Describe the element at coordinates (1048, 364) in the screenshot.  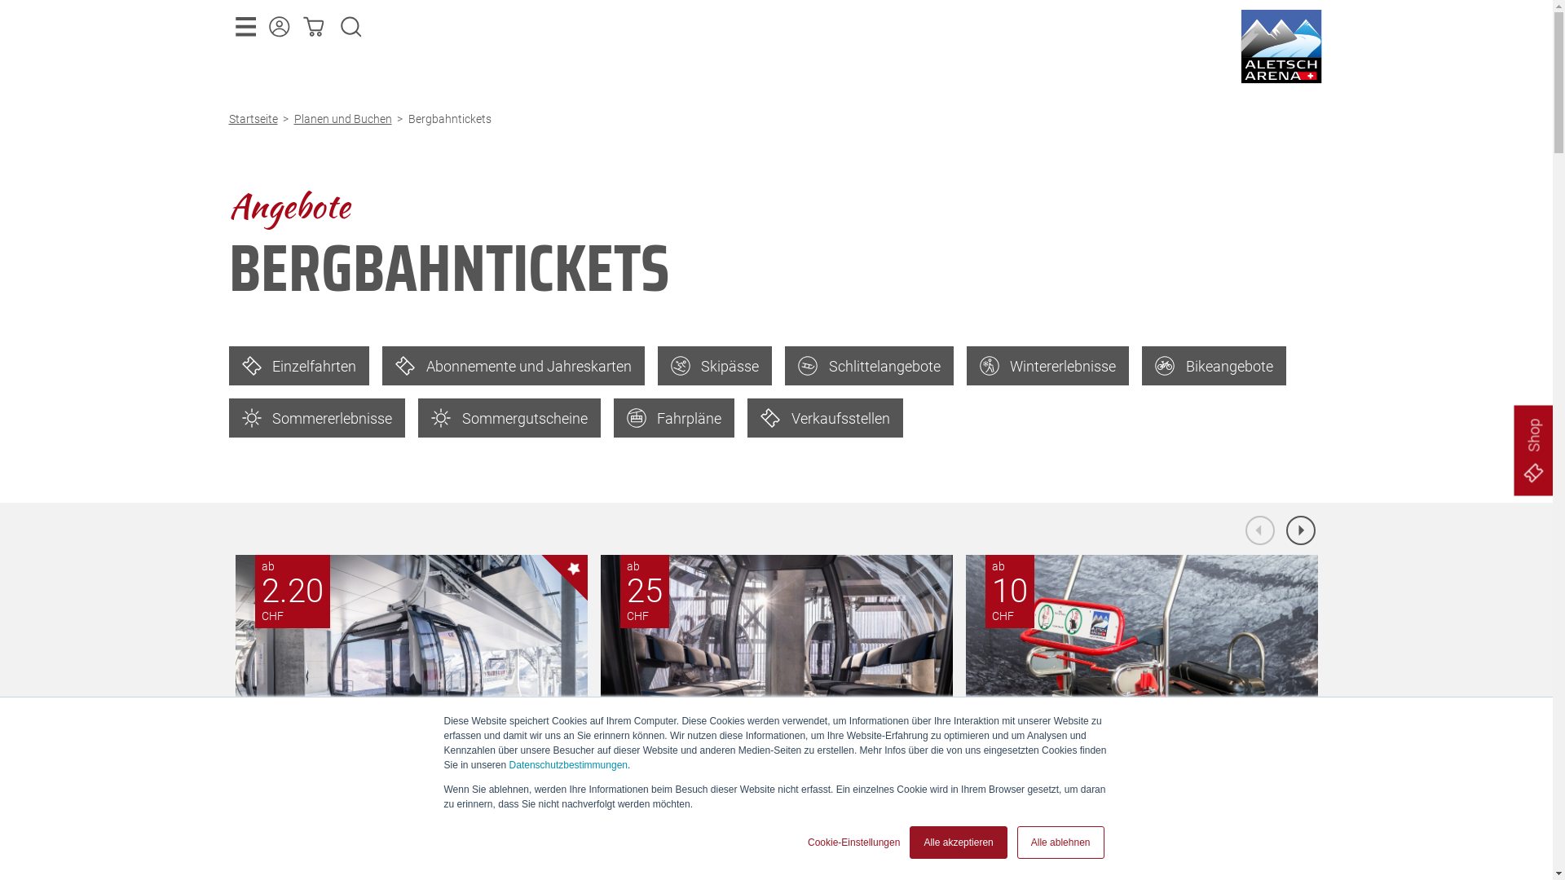
I see `'Wintererlebnisse'` at that location.